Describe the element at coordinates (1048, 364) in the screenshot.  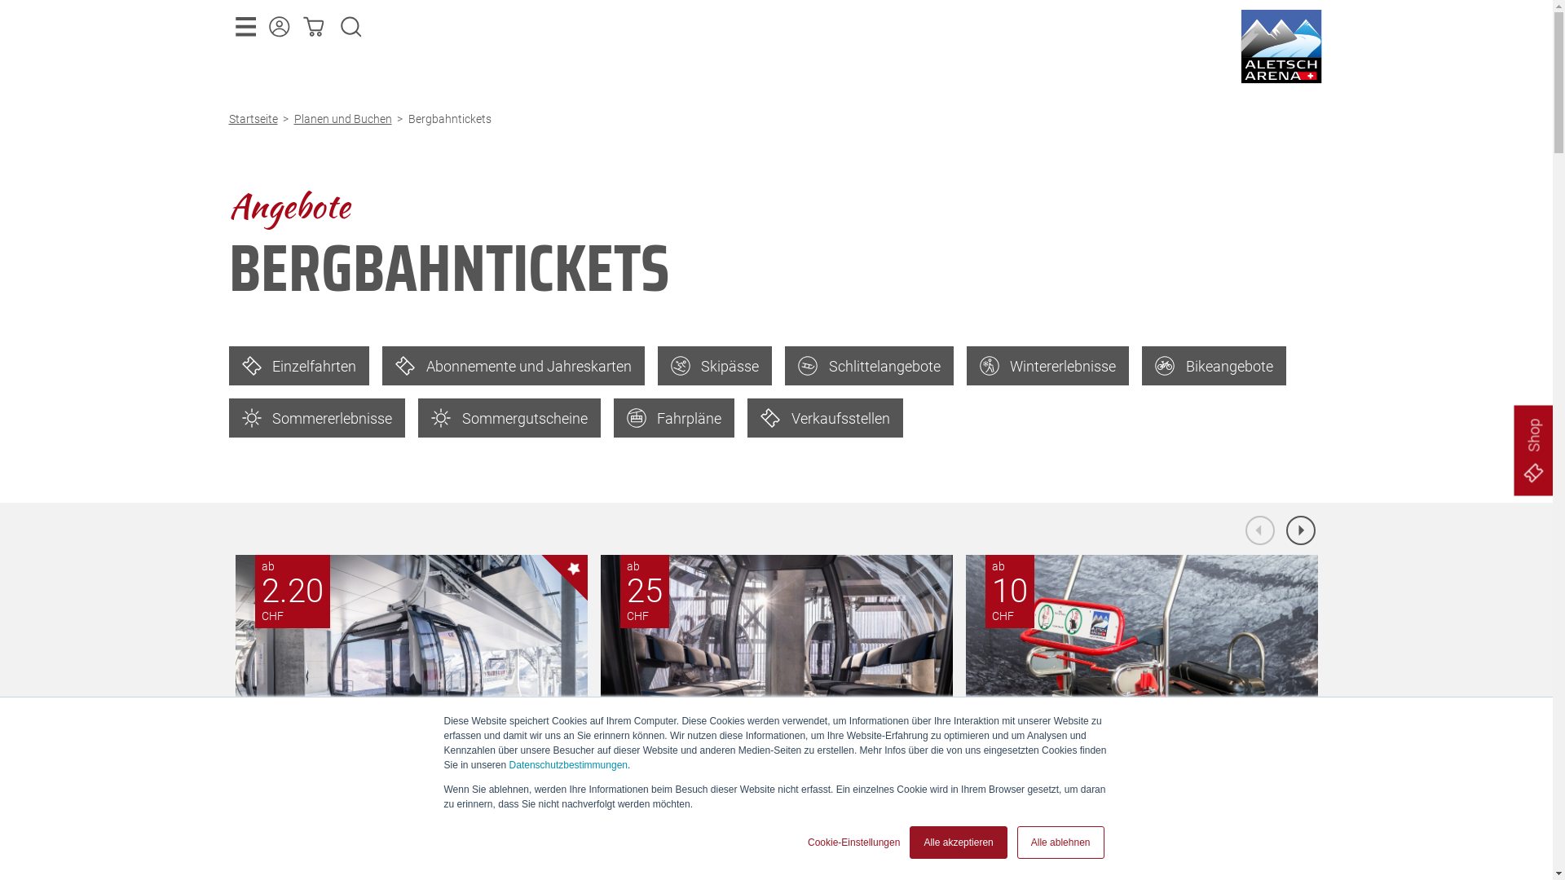
I see `'Wintererlebnisse'` at that location.